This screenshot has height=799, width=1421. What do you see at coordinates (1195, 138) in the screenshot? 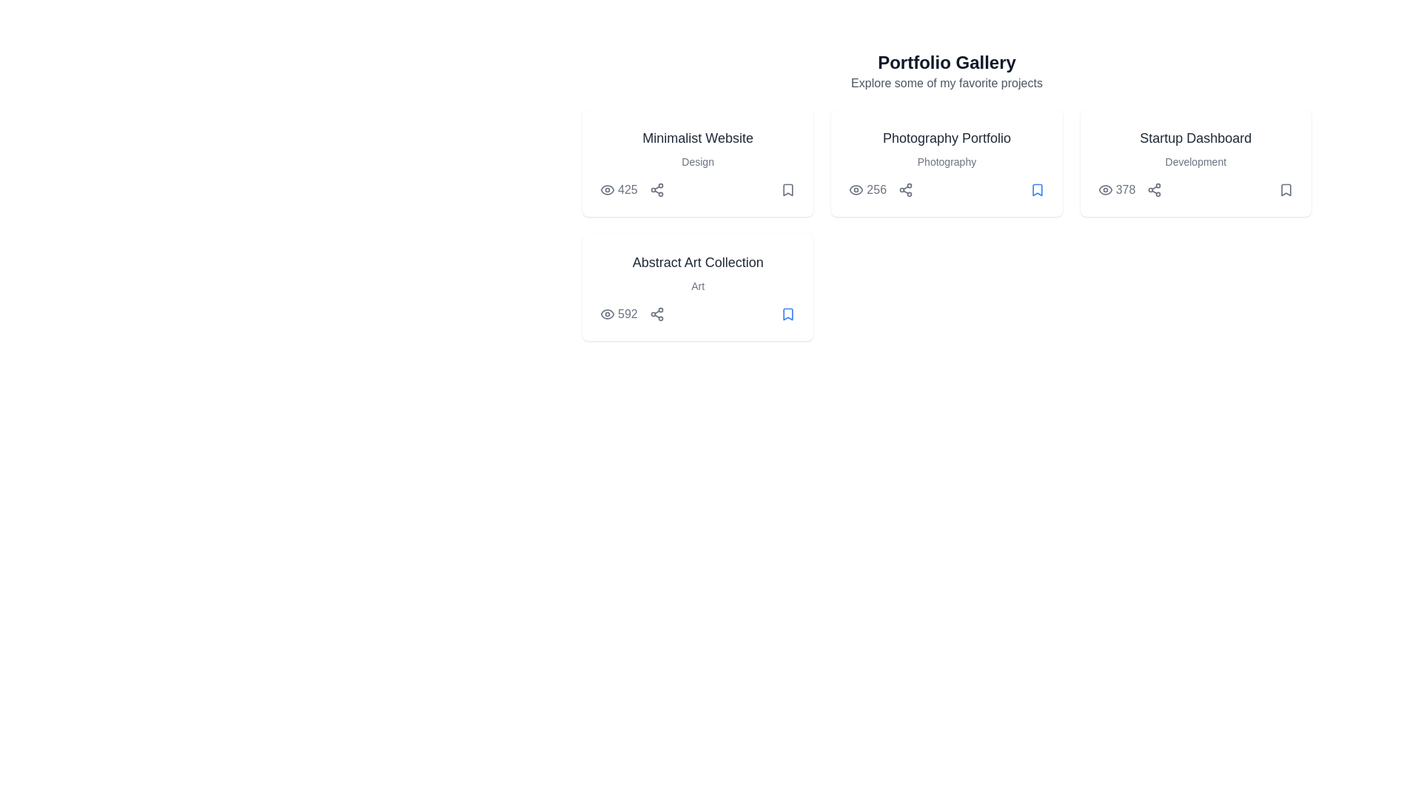
I see `text label displaying 'Startup Dashboard', which is styled with a larger, medium-weight dark gray font and is positioned at the top of a card within a grid layout` at bounding box center [1195, 138].